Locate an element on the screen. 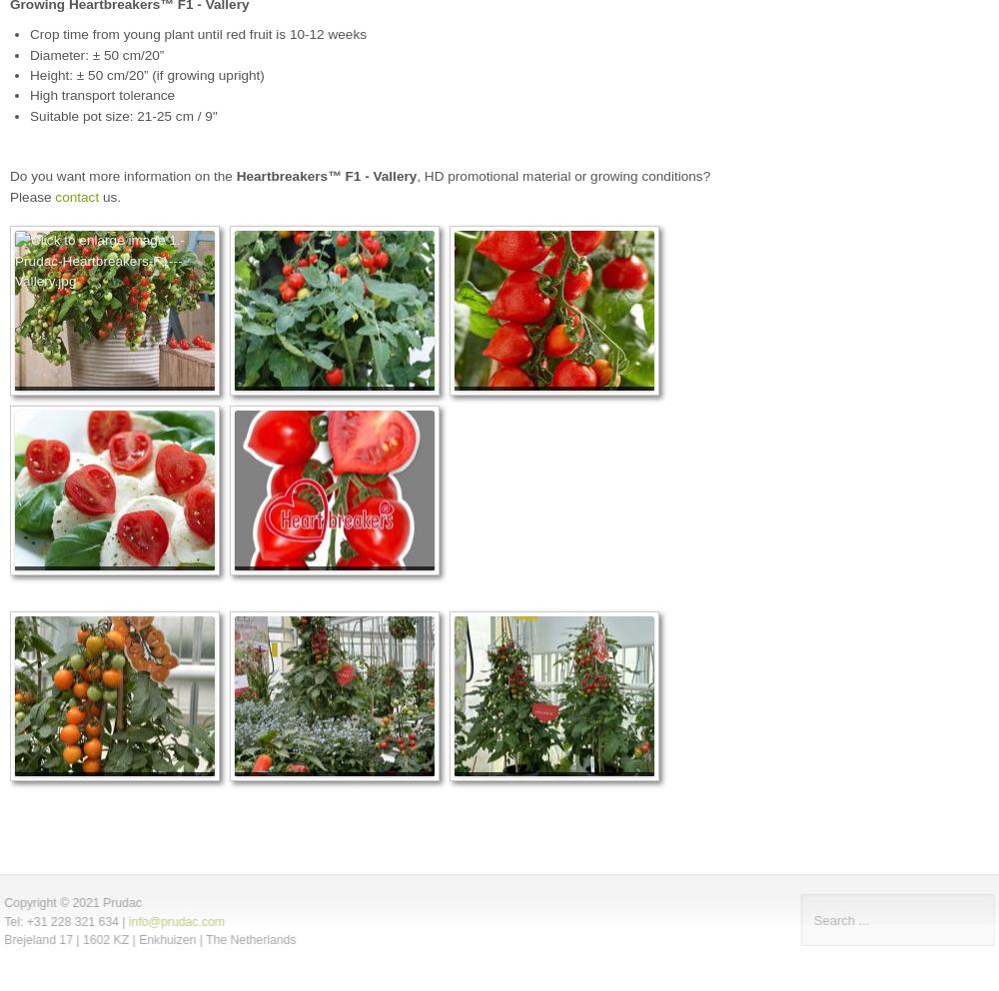 Image resolution: width=999 pixels, height=991 pixels. 'Heartbreakers' is located at coordinates (282, 175).